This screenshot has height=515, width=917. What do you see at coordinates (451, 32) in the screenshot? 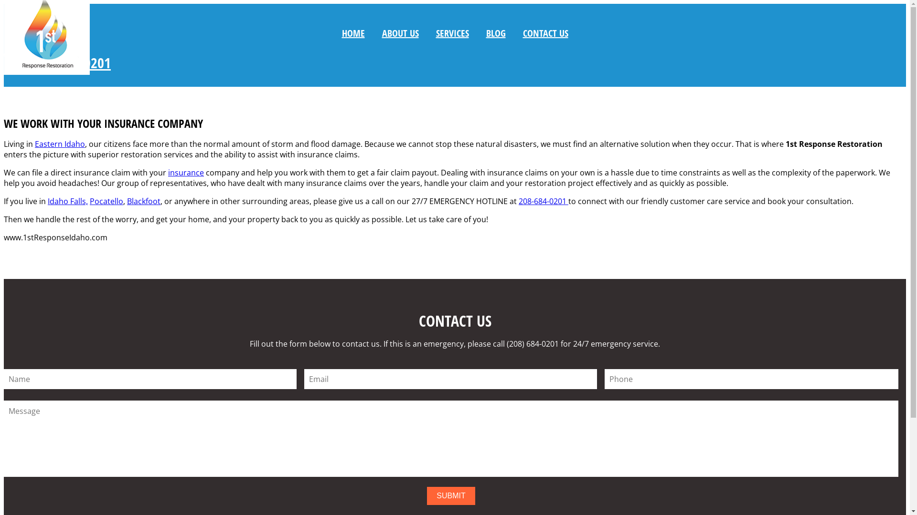
I see `'SERVICES'` at bounding box center [451, 32].